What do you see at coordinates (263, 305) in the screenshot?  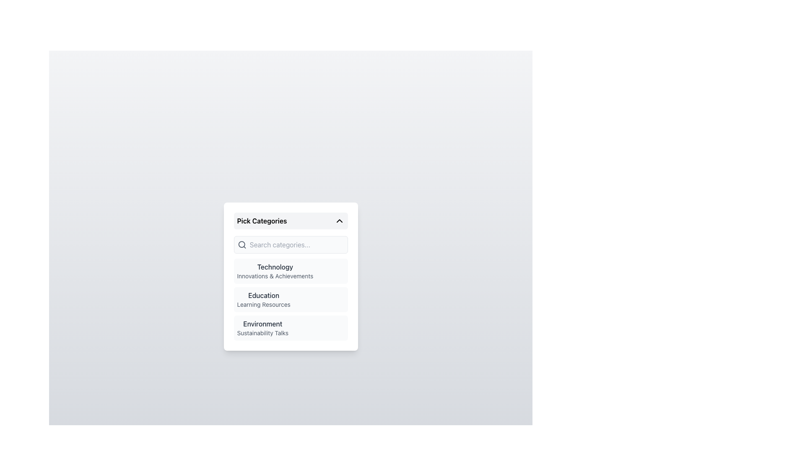 I see `text label displaying 'Learning Resources' located beneath the bold label 'Education' in the vertical category list` at bounding box center [263, 305].